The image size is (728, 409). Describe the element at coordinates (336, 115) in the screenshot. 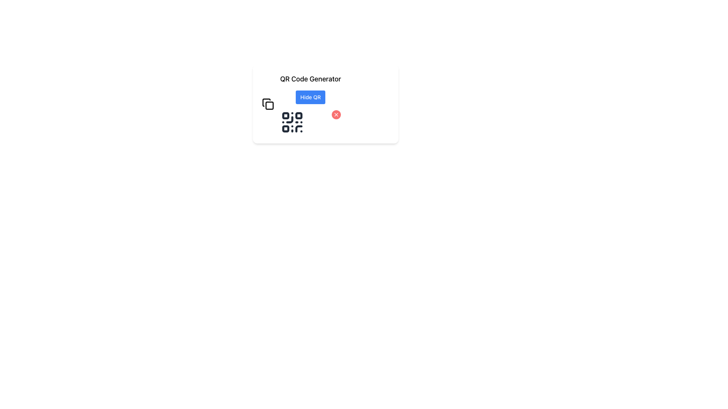

I see `the small circular button with a red background and white 'X' icon located at the top-right corner of the QR code section` at that location.